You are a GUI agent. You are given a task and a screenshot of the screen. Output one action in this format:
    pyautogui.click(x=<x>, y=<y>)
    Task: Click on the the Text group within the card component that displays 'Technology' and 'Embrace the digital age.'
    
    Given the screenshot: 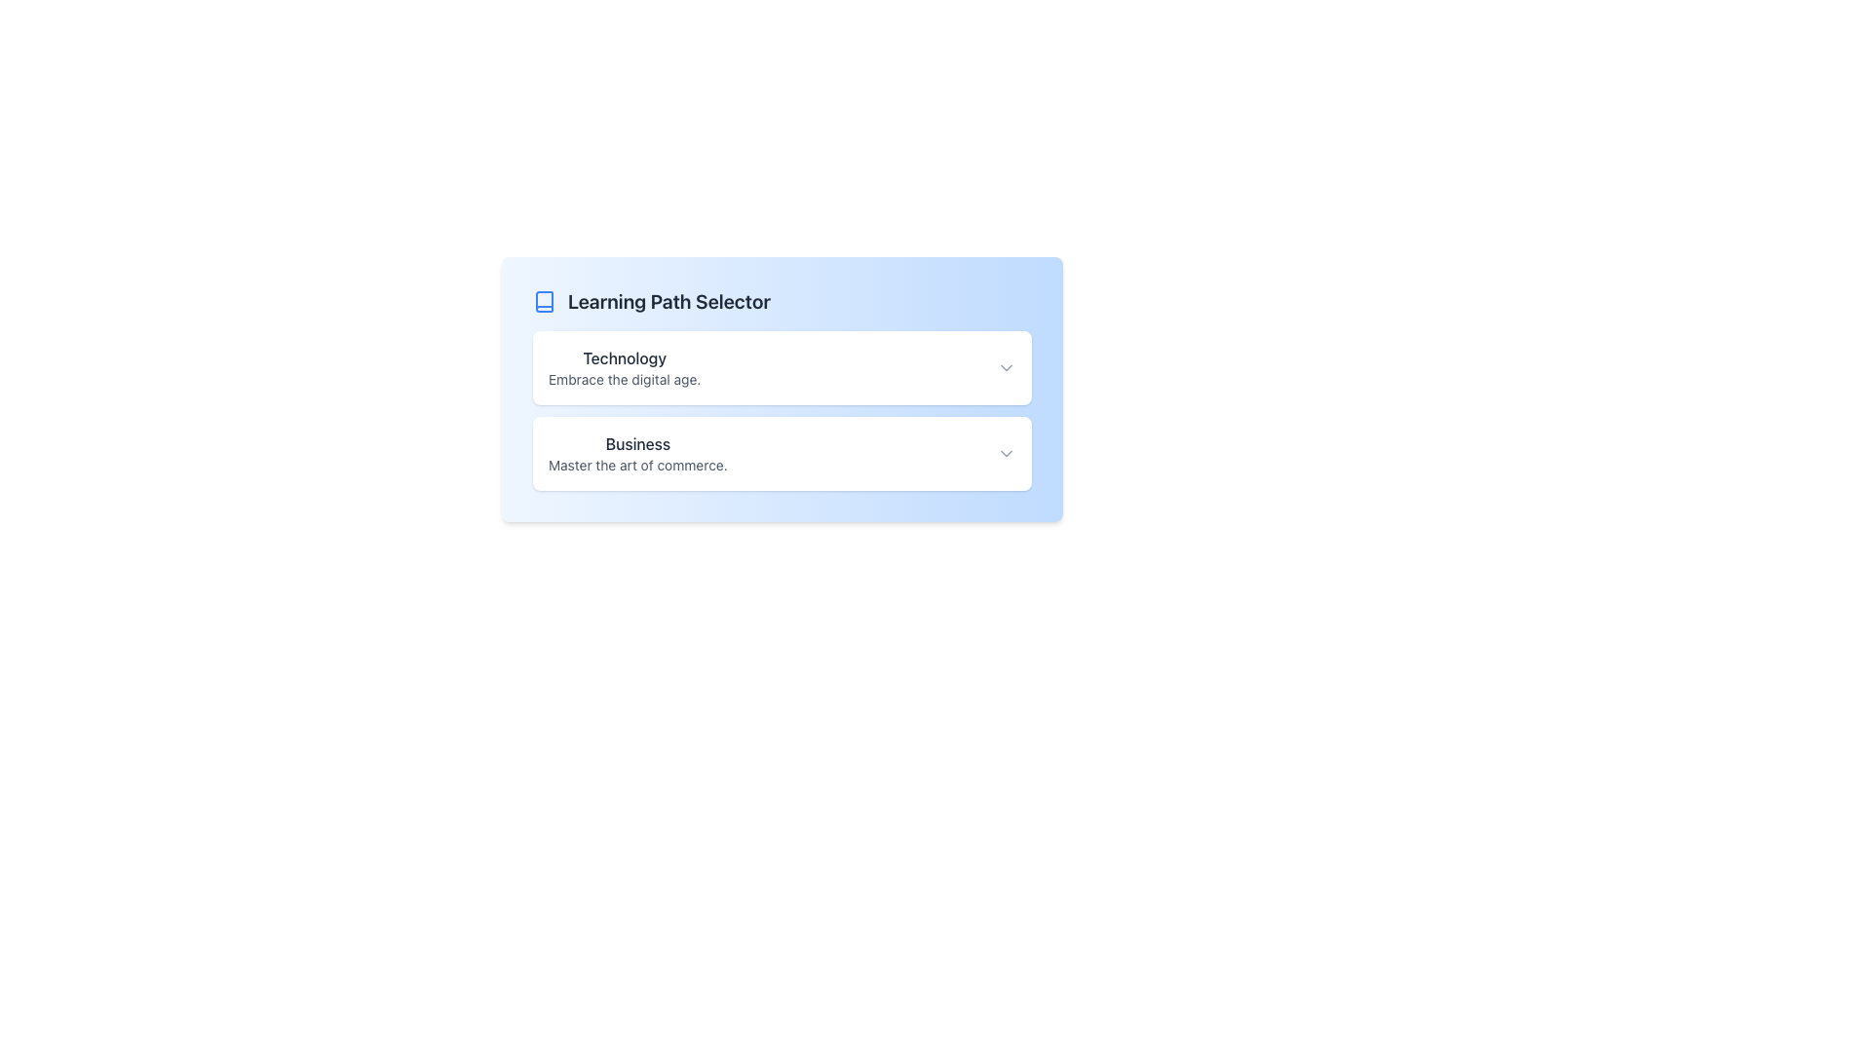 What is the action you would take?
    pyautogui.click(x=625, y=368)
    